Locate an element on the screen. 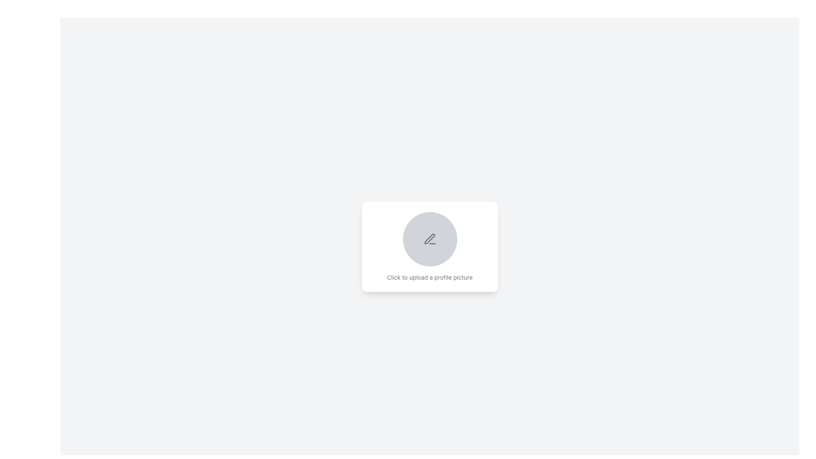 Image resolution: width=816 pixels, height=459 pixels. the pen icon located in the center of a circular gray background for additional information is located at coordinates (430, 239).